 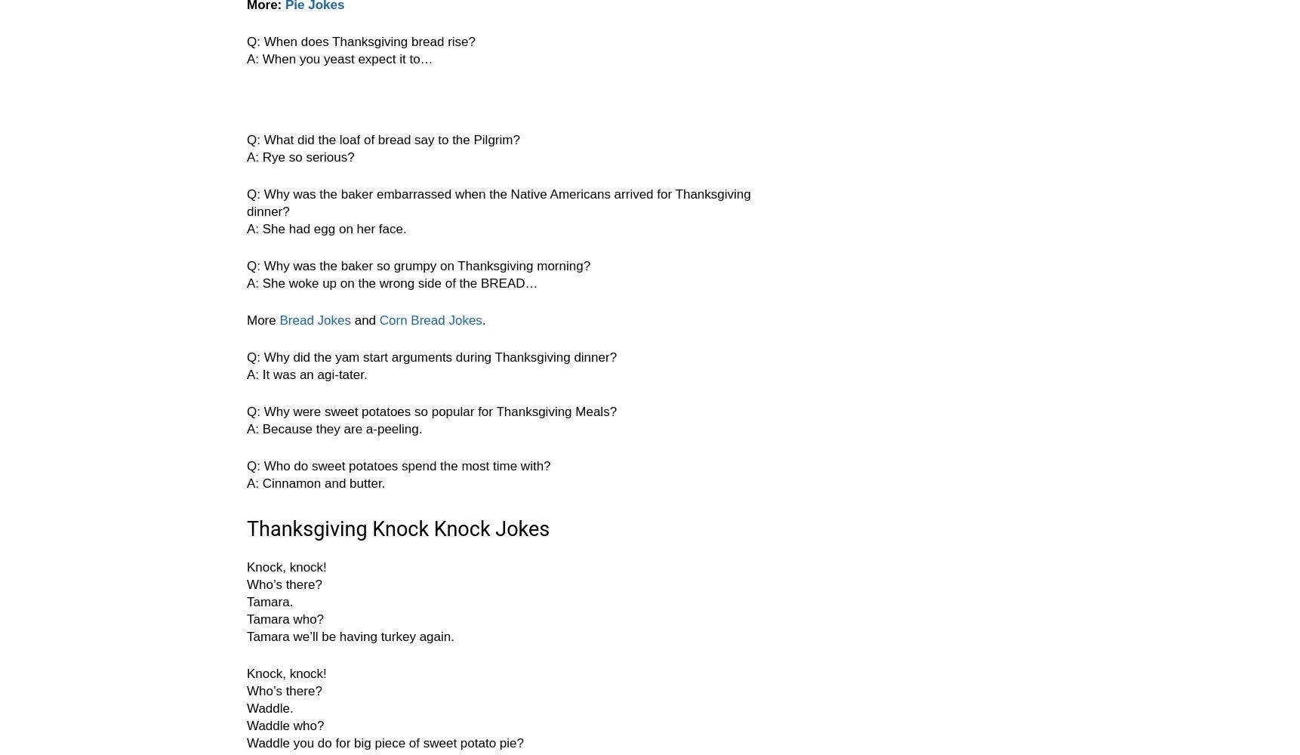 What do you see at coordinates (246, 229) in the screenshot?
I see `'A: She had egg on her face.'` at bounding box center [246, 229].